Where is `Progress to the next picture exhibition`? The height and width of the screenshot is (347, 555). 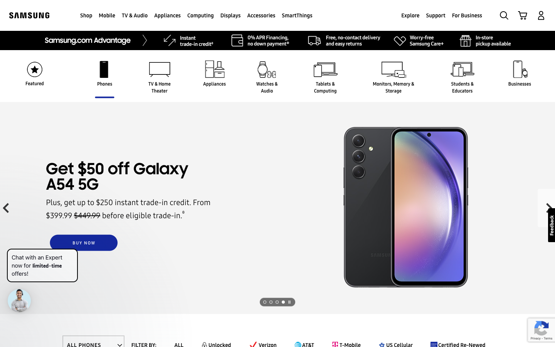 Progress to the next picture exhibition is located at coordinates (289, 302).